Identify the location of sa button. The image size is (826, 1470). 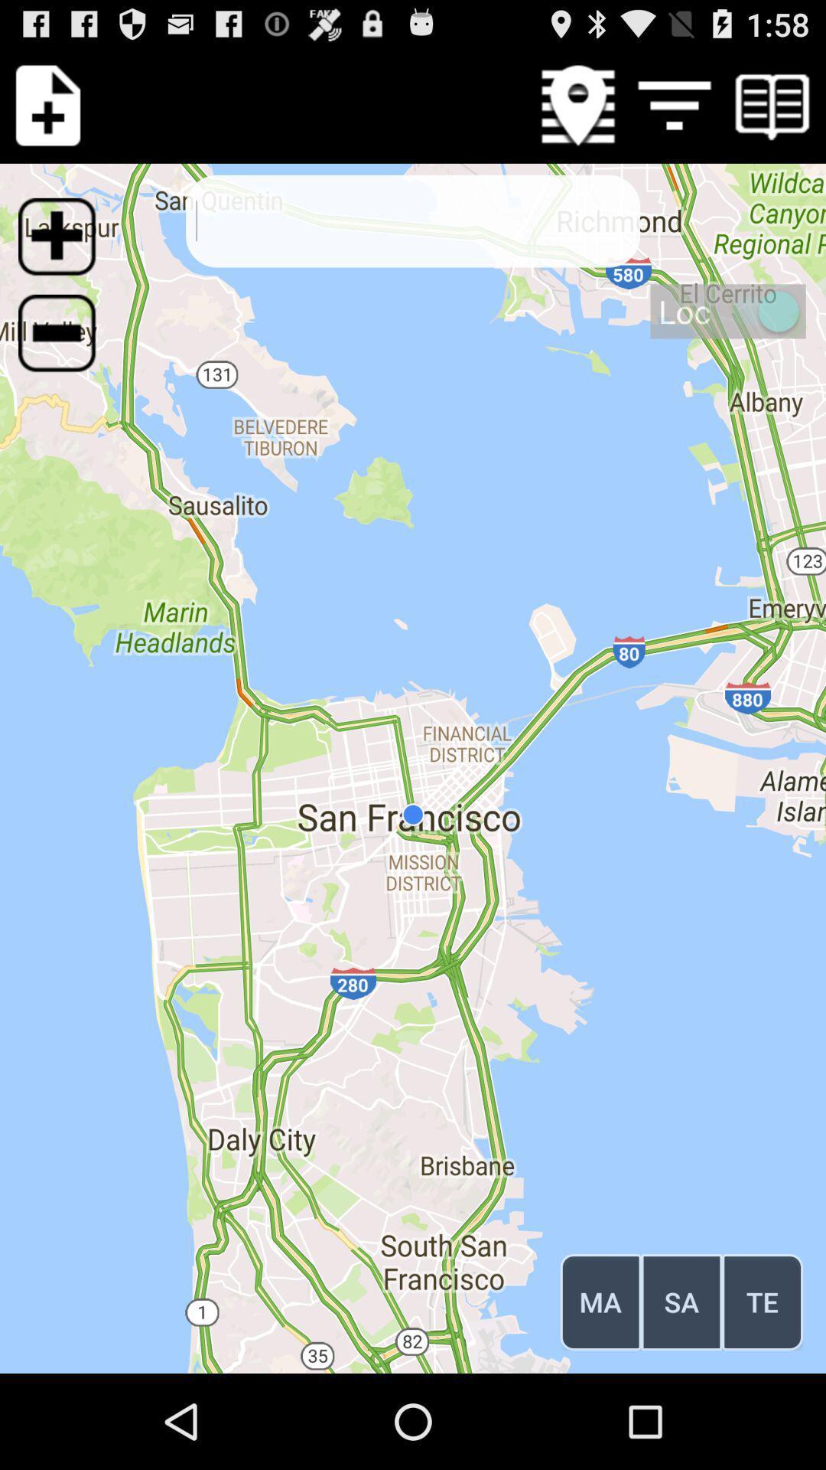
(681, 1301).